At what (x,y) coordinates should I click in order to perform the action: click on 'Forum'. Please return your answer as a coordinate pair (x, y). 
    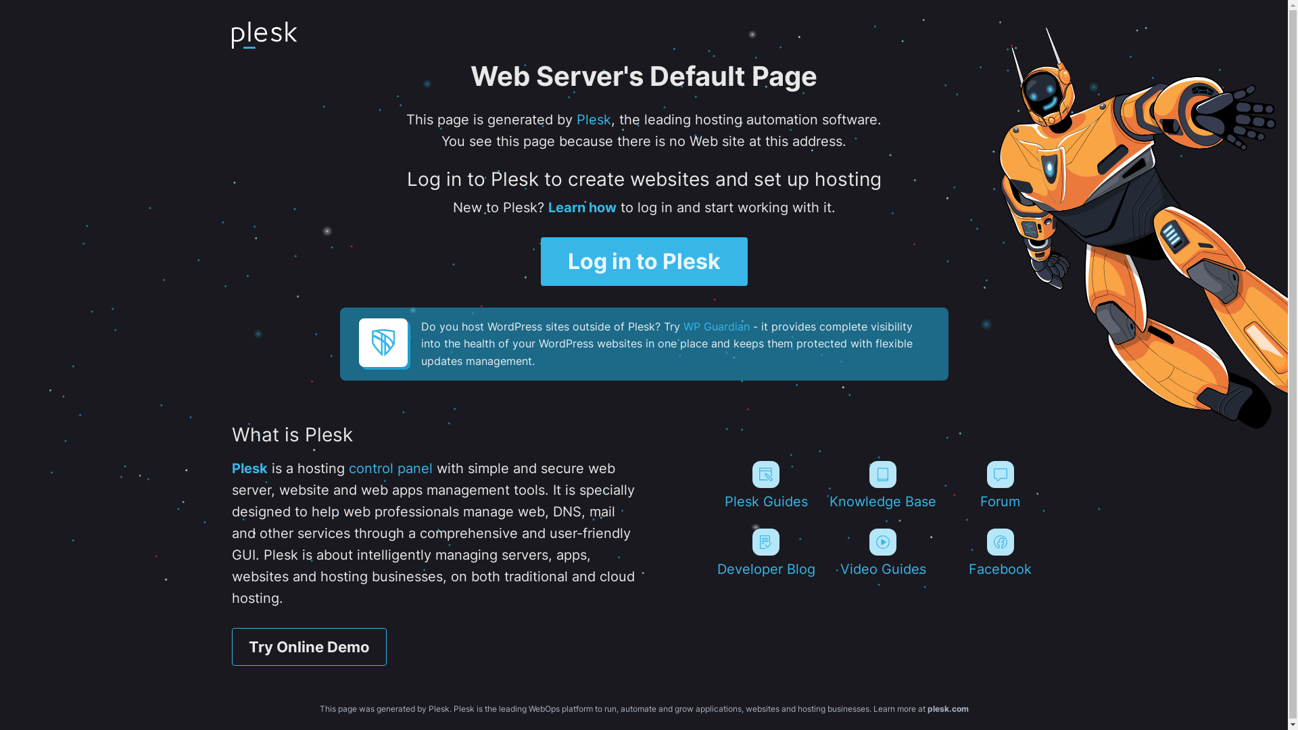
    Looking at the image, I should click on (1000, 484).